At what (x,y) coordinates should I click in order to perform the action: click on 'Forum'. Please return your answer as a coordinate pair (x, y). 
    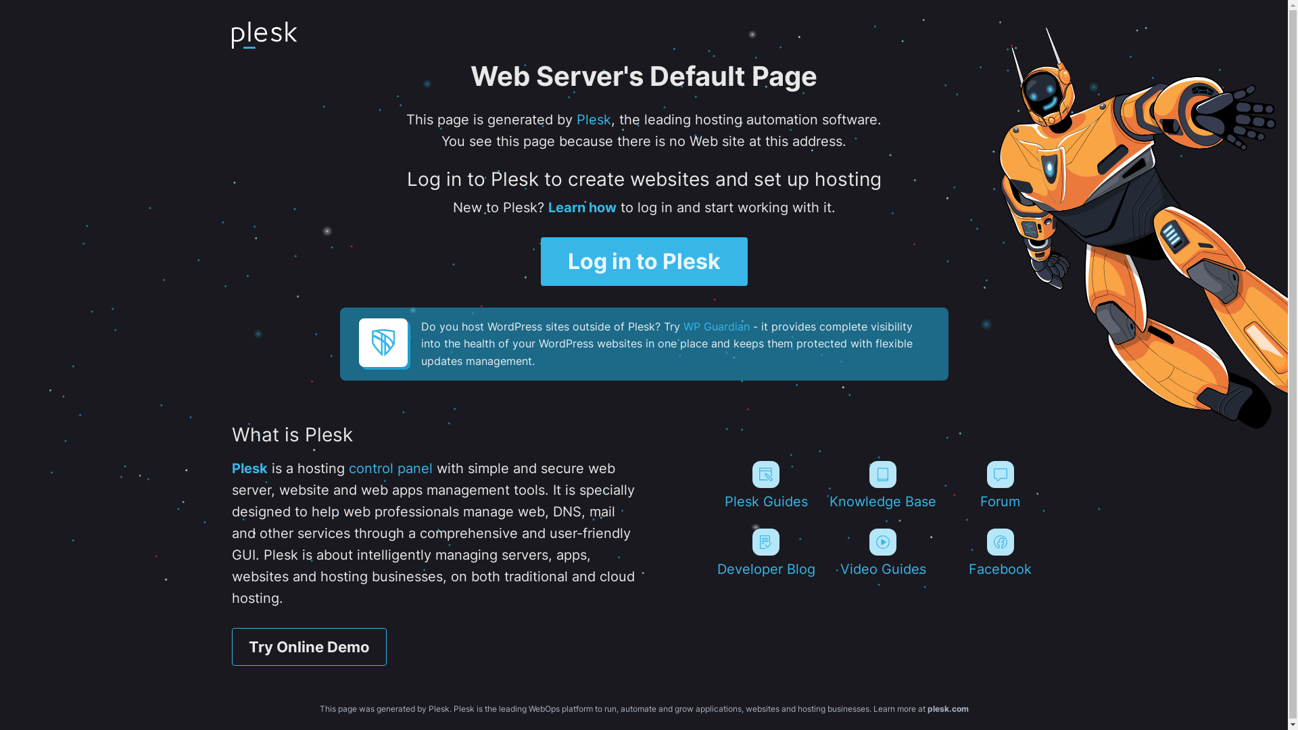
    Looking at the image, I should click on (1000, 484).